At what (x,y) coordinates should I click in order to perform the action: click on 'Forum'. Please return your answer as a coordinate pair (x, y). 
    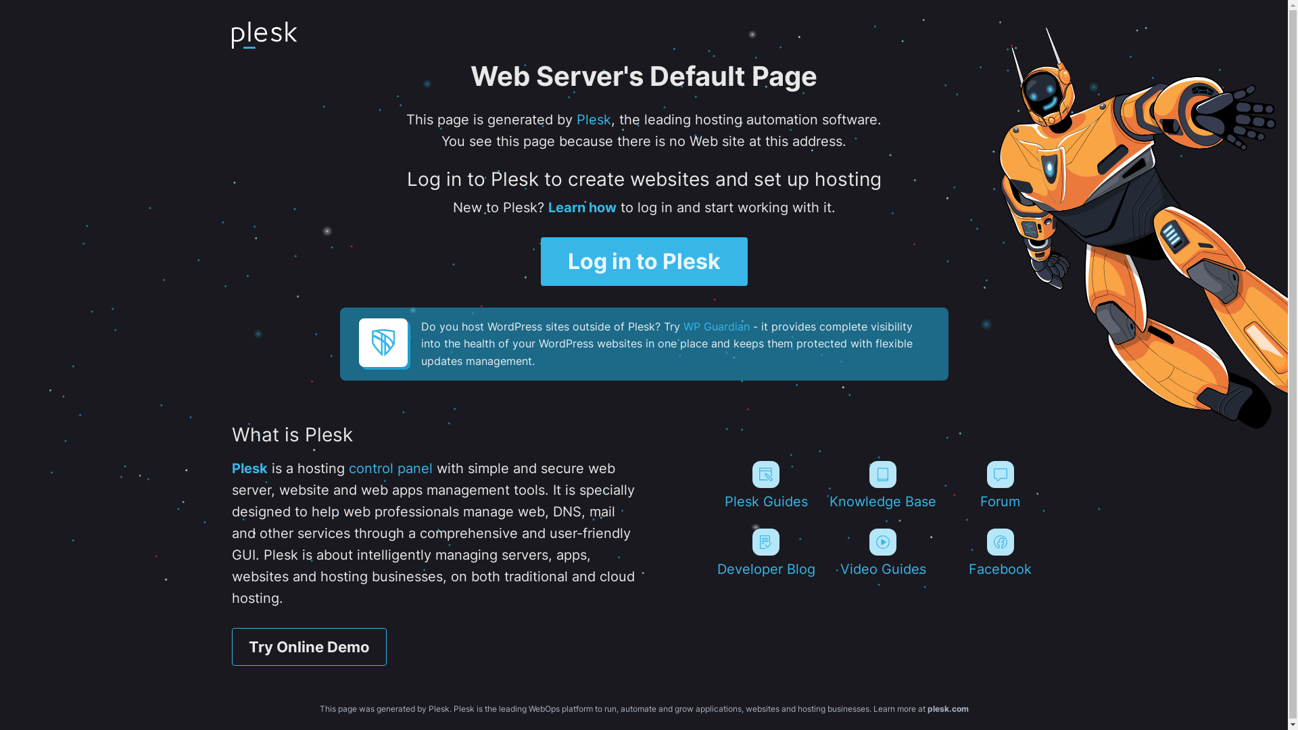
    Looking at the image, I should click on (1000, 484).